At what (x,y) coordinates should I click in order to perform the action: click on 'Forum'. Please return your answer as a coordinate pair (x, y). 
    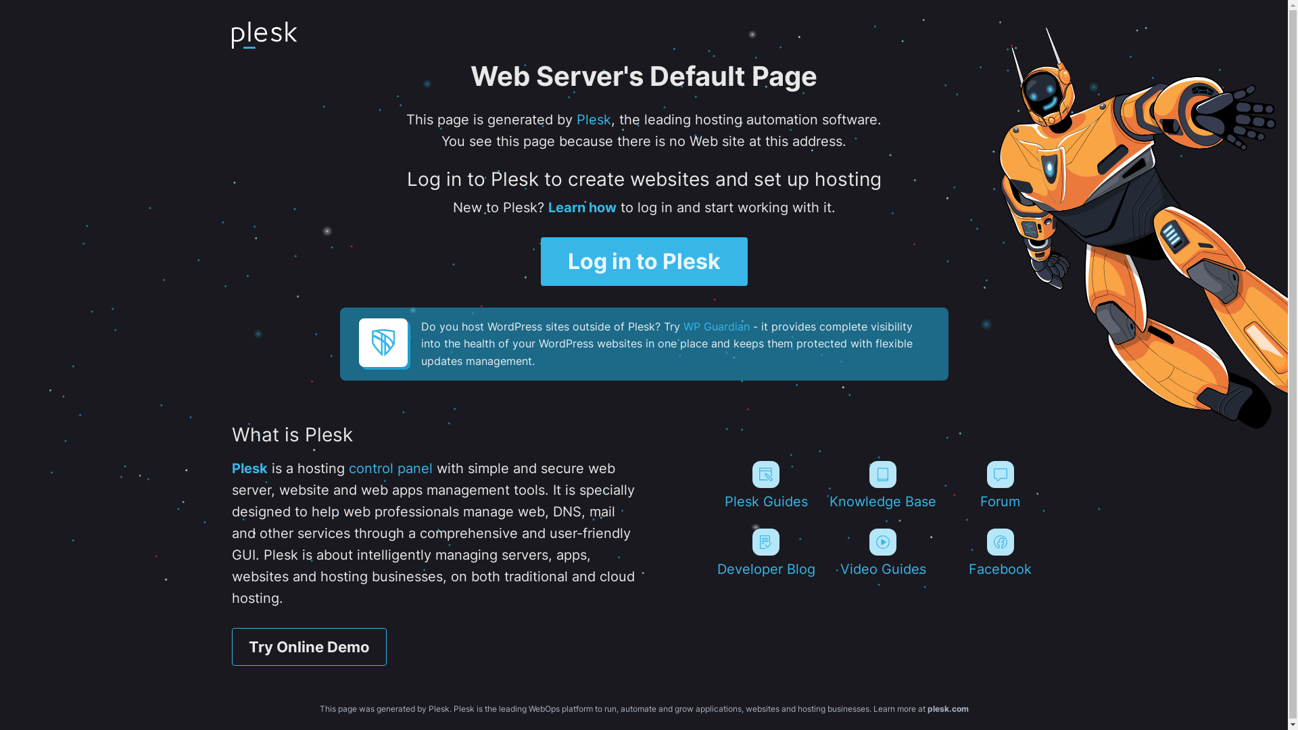
    Looking at the image, I should click on (1000, 484).